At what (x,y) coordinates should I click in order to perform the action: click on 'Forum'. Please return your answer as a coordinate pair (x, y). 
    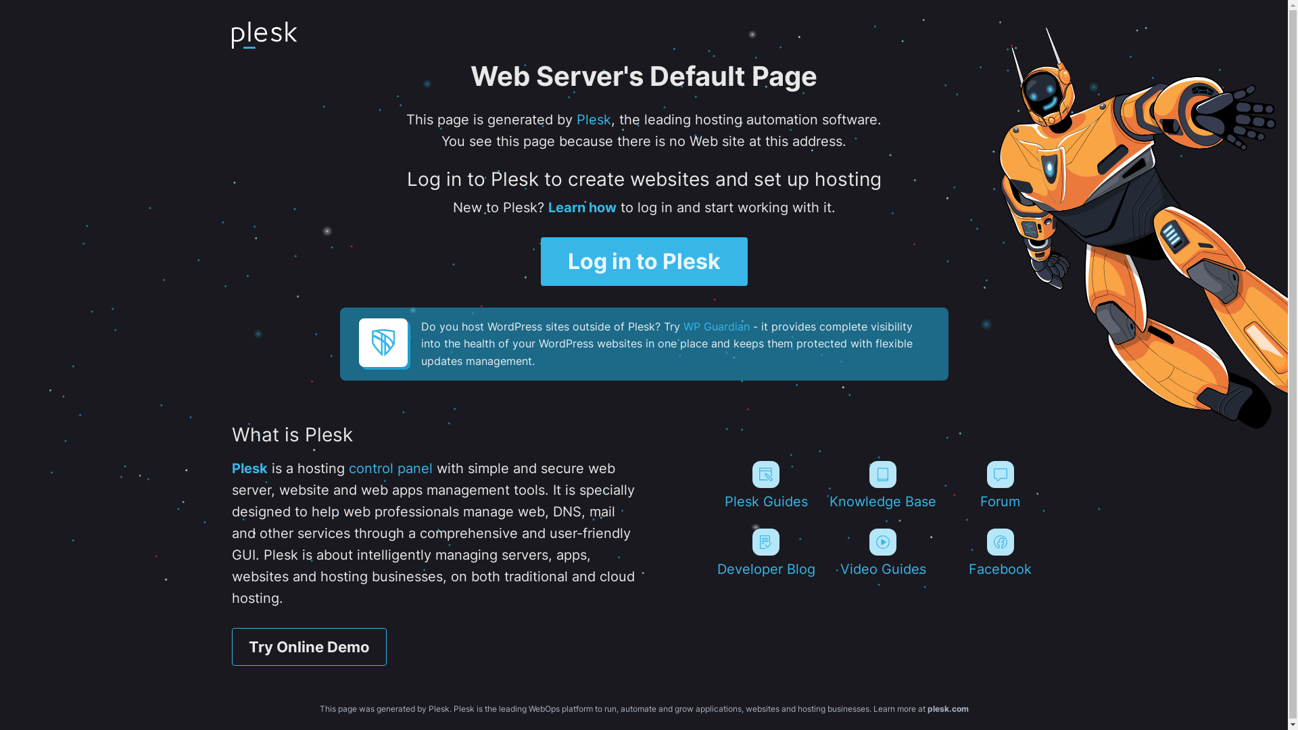
    Looking at the image, I should click on (1000, 484).